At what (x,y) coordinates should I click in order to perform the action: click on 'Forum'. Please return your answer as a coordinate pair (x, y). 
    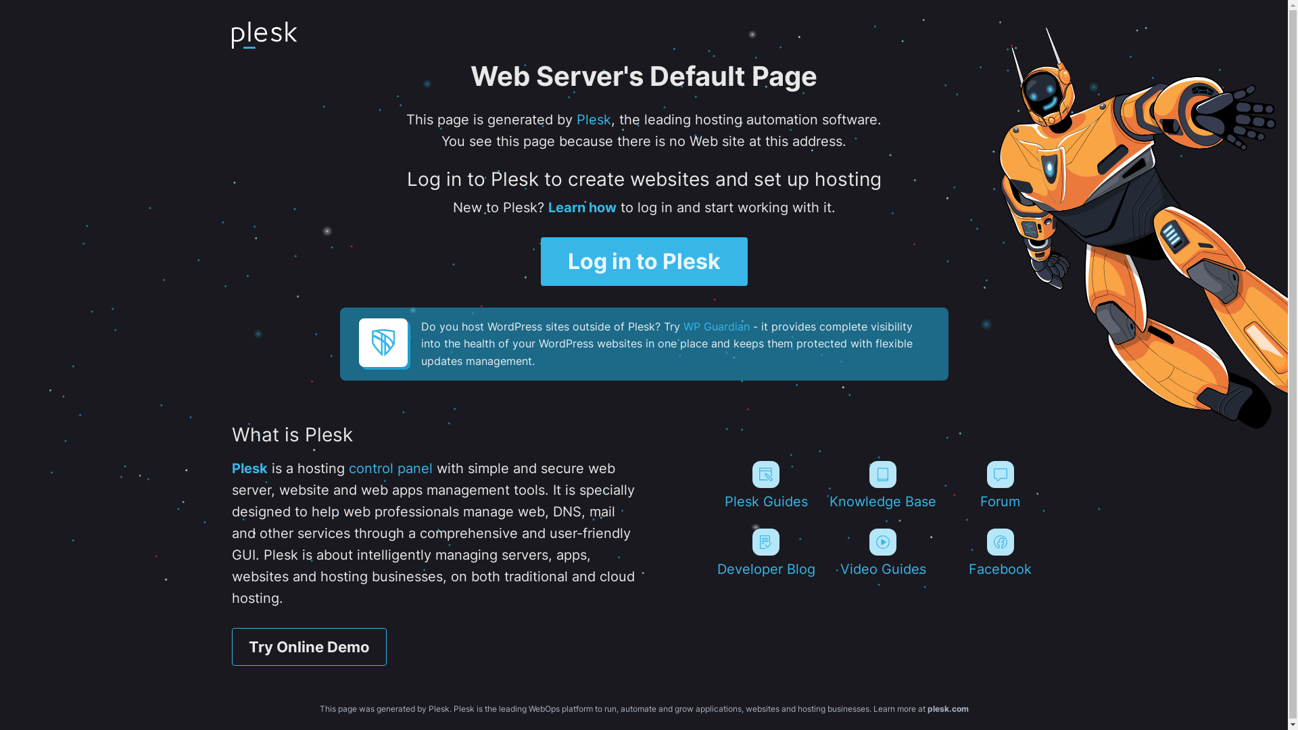
    Looking at the image, I should click on (1000, 484).